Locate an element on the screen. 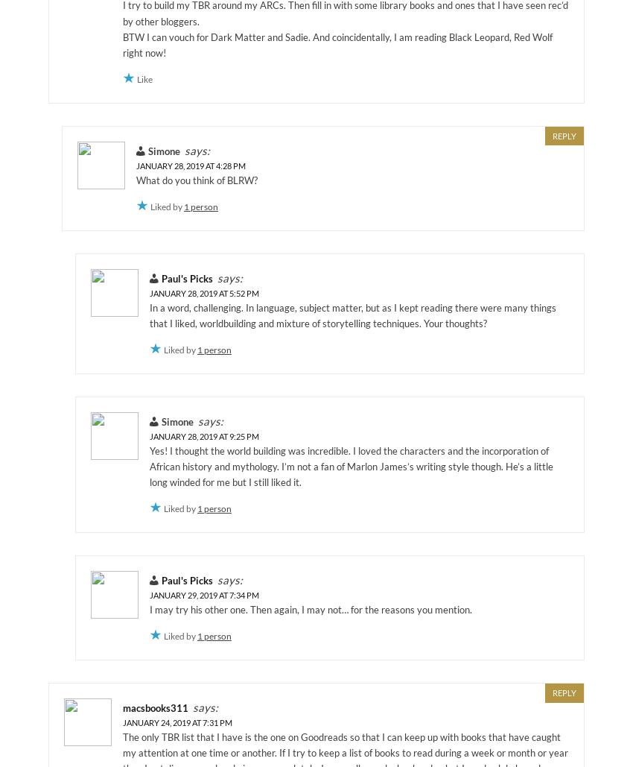 The image size is (633, 767). 'Like' is located at coordinates (144, 78).